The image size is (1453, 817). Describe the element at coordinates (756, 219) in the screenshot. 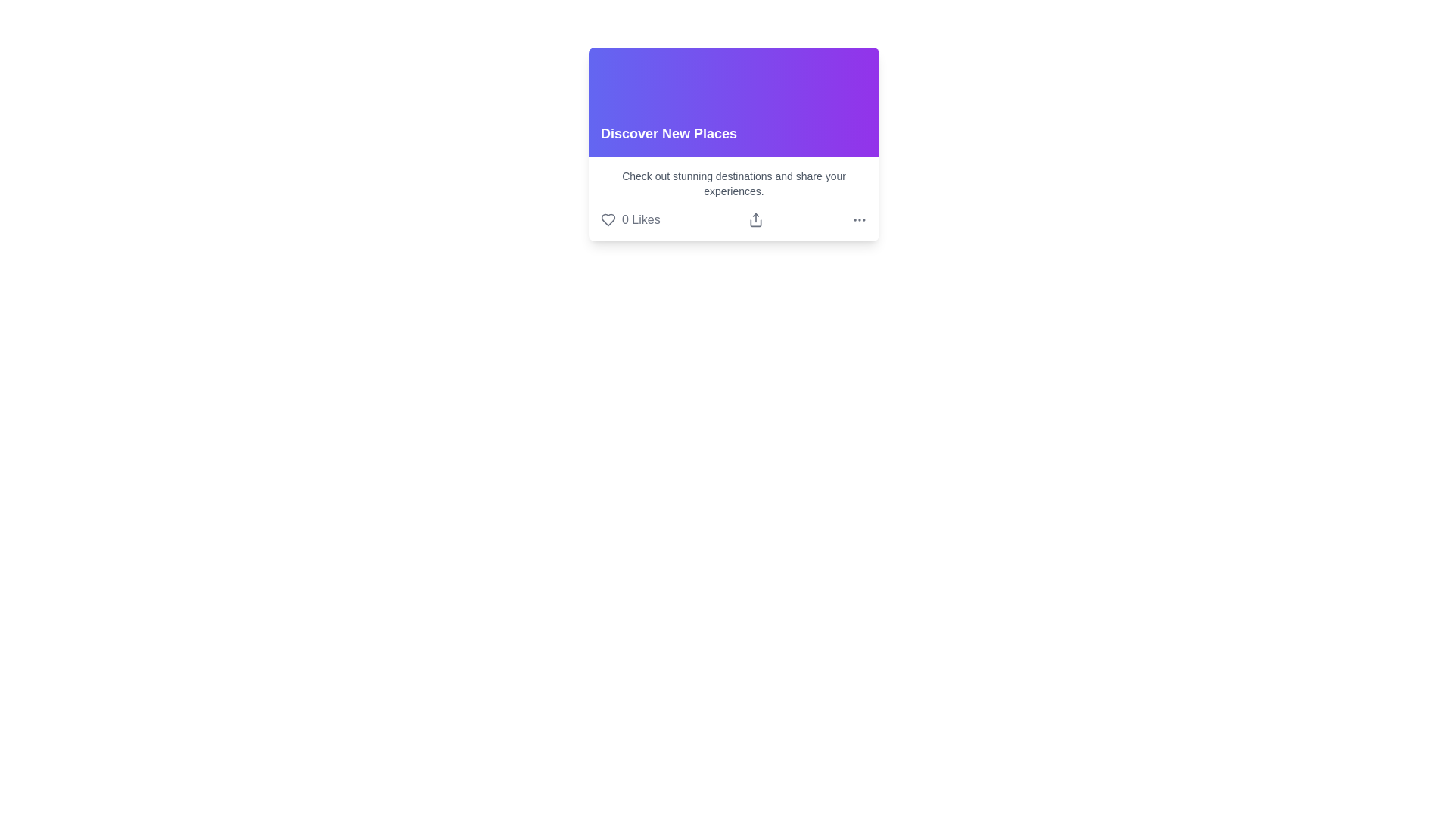

I see `the share icon button located to the right of the '0 Likes' and heart icon` at that location.